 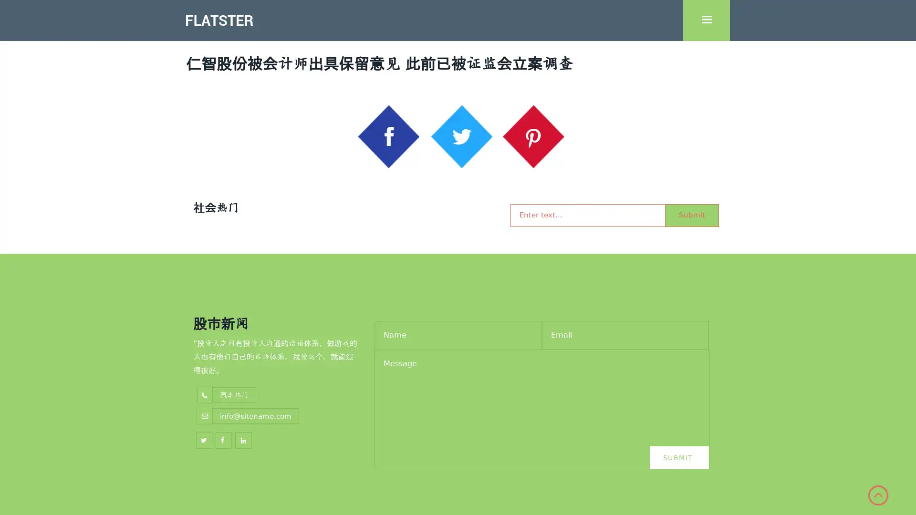 What do you see at coordinates (678, 457) in the screenshot?
I see `Submit` at bounding box center [678, 457].